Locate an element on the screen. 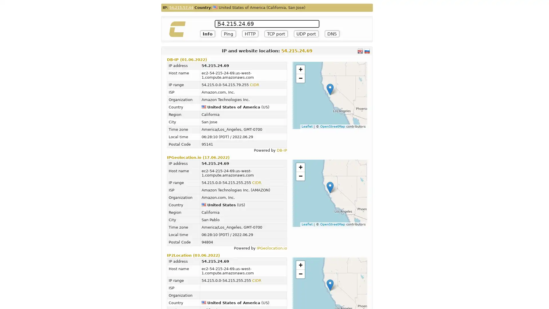 The height and width of the screenshot is (309, 549). HTTP is located at coordinates (250, 34).